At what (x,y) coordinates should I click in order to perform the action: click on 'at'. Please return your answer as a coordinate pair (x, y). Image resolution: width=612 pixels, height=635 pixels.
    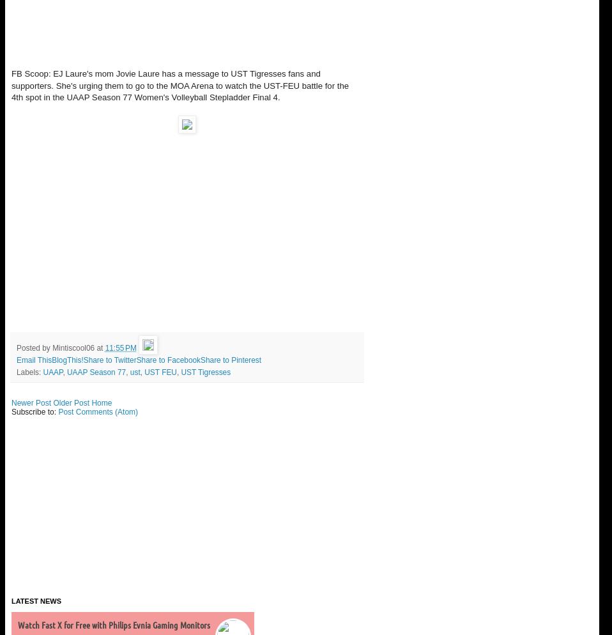
    Looking at the image, I should click on (96, 348).